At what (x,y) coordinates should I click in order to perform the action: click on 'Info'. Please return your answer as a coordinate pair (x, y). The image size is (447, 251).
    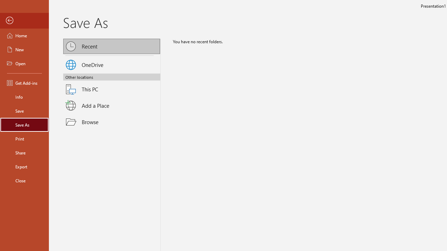
    Looking at the image, I should click on (24, 97).